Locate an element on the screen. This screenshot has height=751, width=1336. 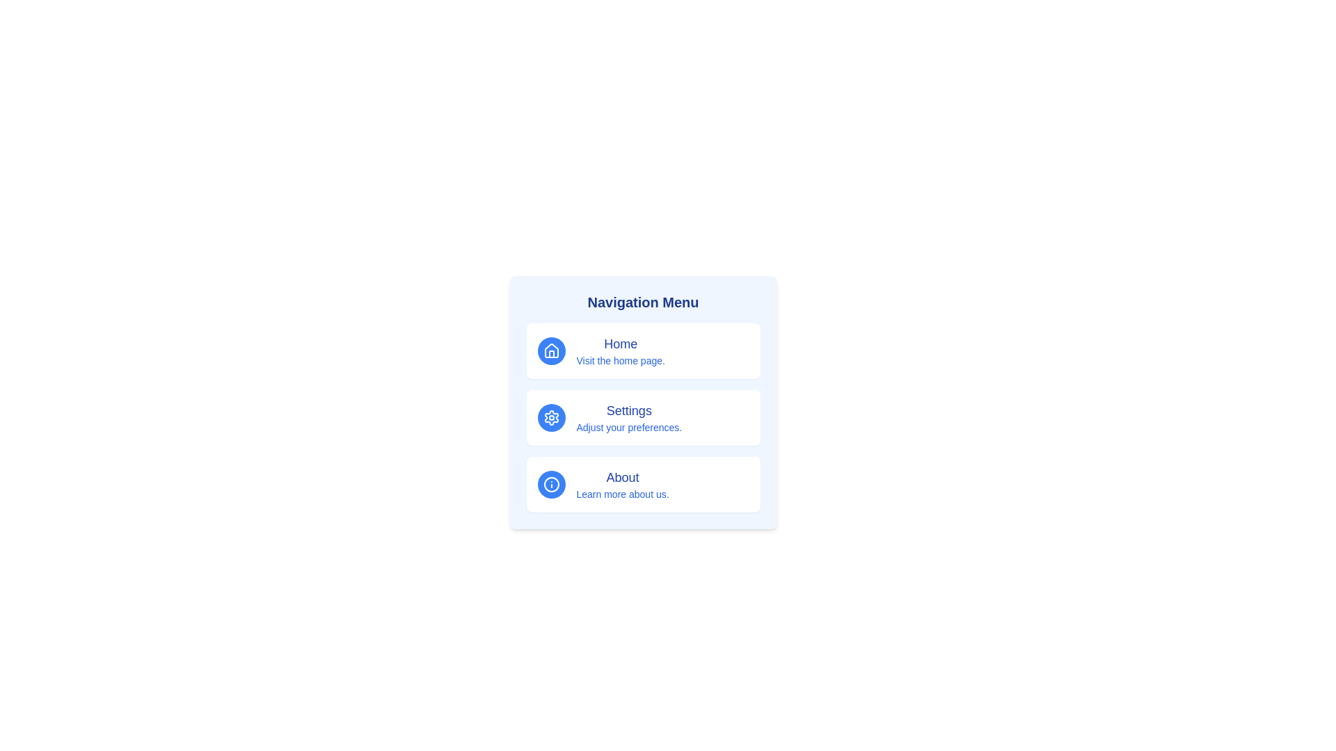
the text label that reads 'Visit the home page.' which is styled in smaller blue text and positioned beneath the 'Home' text in the navigation menu is located at coordinates (620, 360).